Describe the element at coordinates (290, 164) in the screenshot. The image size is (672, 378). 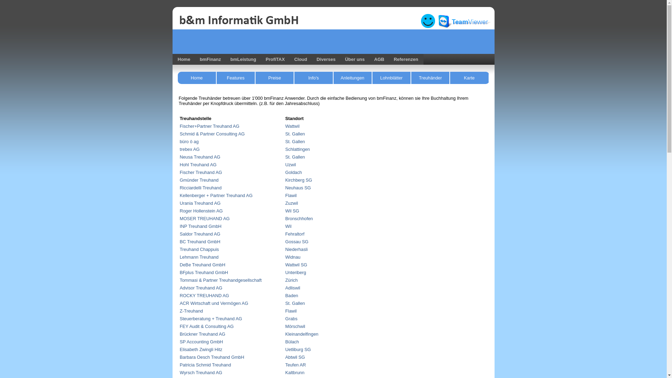
I see `'Uzwil'` at that location.